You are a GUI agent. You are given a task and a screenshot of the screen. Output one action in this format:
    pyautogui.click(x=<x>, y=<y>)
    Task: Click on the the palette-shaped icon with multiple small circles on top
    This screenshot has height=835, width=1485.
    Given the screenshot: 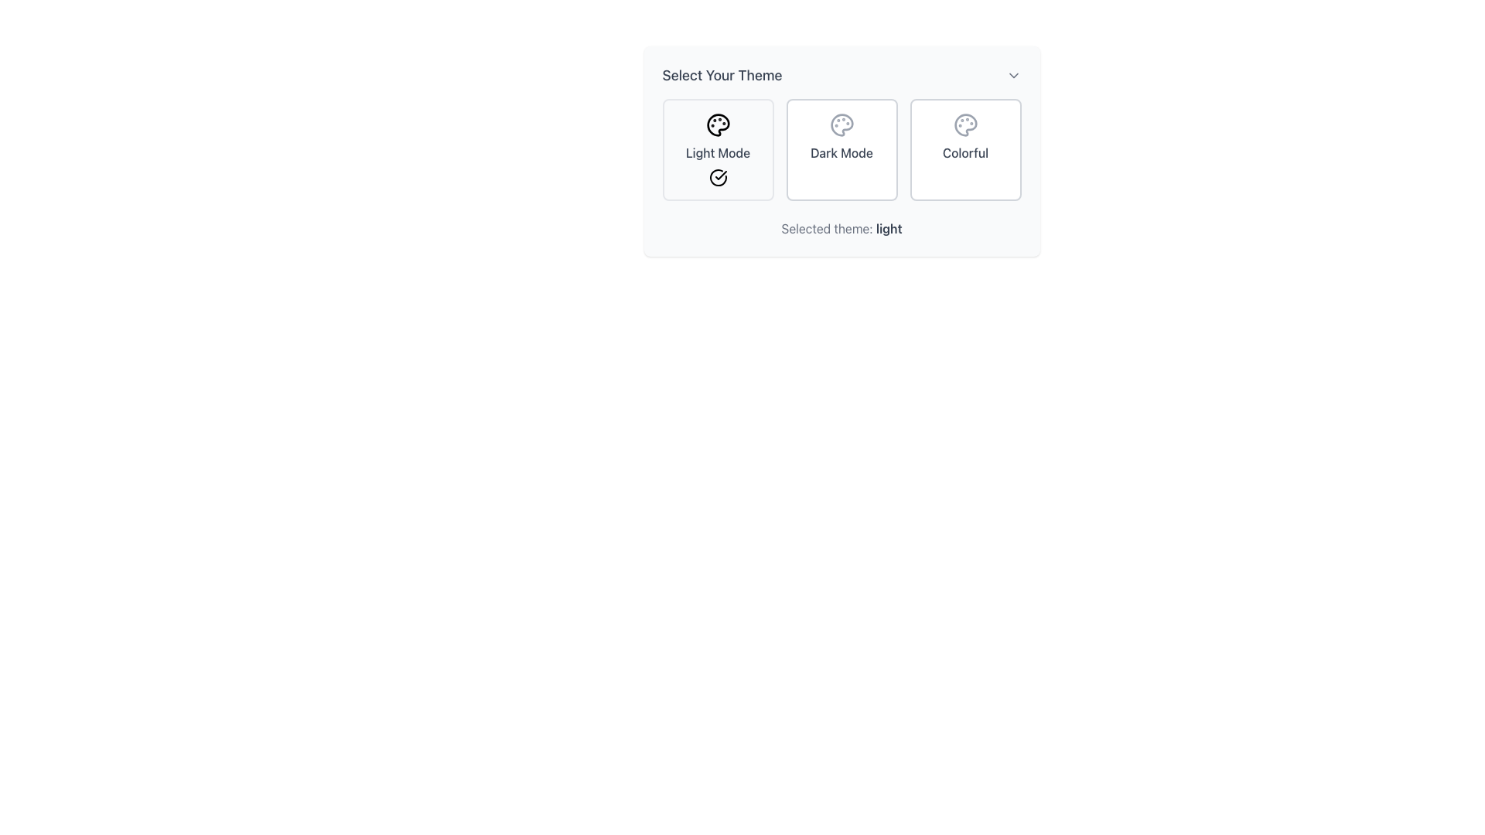 What is the action you would take?
    pyautogui.click(x=964, y=124)
    